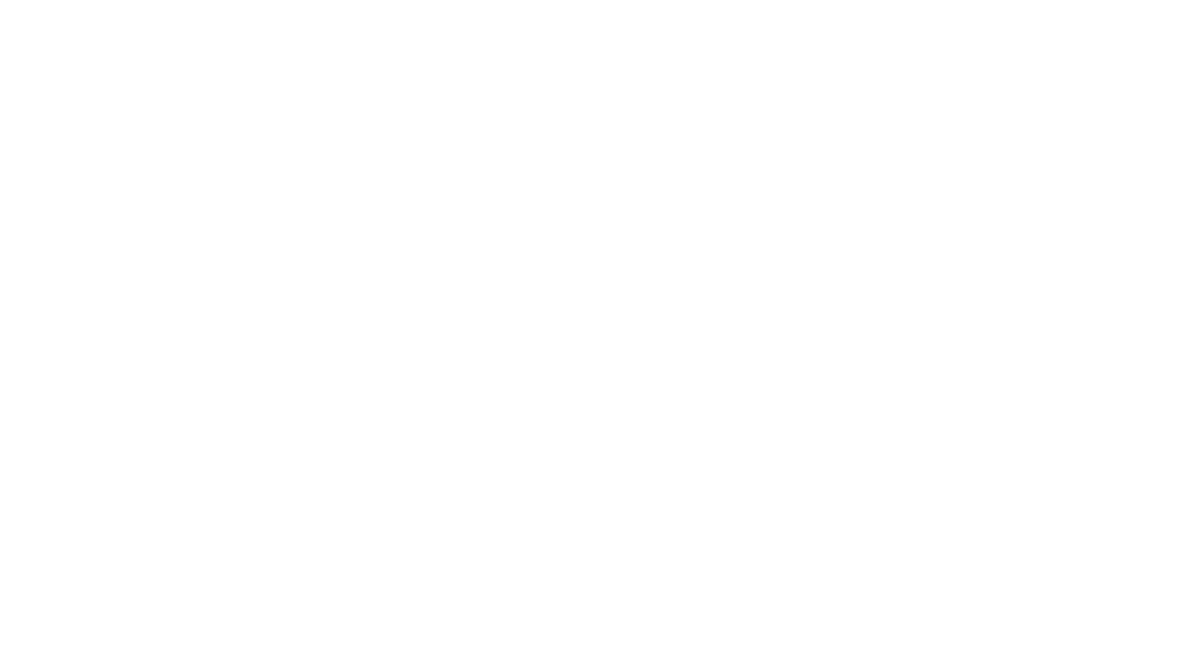 This screenshot has height=661, width=1186. I want to click on 'Lovelace donates money for defibrillators to local organizations', so click(422, 149).